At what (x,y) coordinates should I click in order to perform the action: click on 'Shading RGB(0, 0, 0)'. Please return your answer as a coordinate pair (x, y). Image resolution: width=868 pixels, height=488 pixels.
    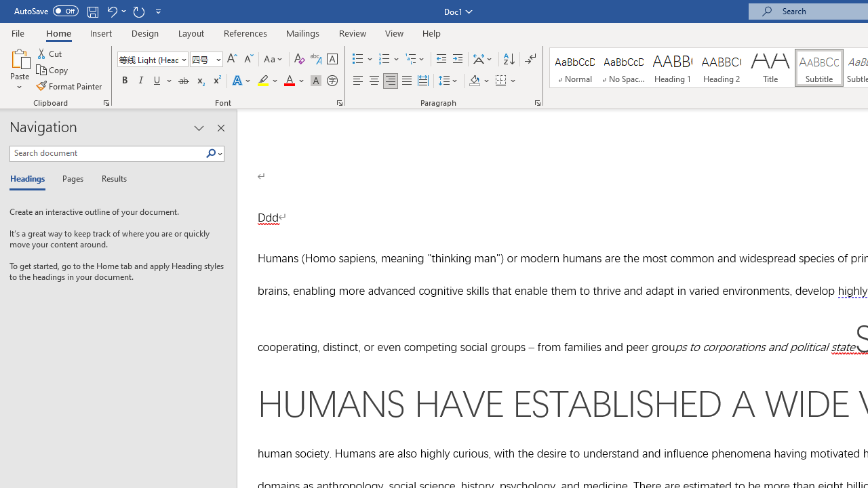
    Looking at the image, I should click on (474, 81).